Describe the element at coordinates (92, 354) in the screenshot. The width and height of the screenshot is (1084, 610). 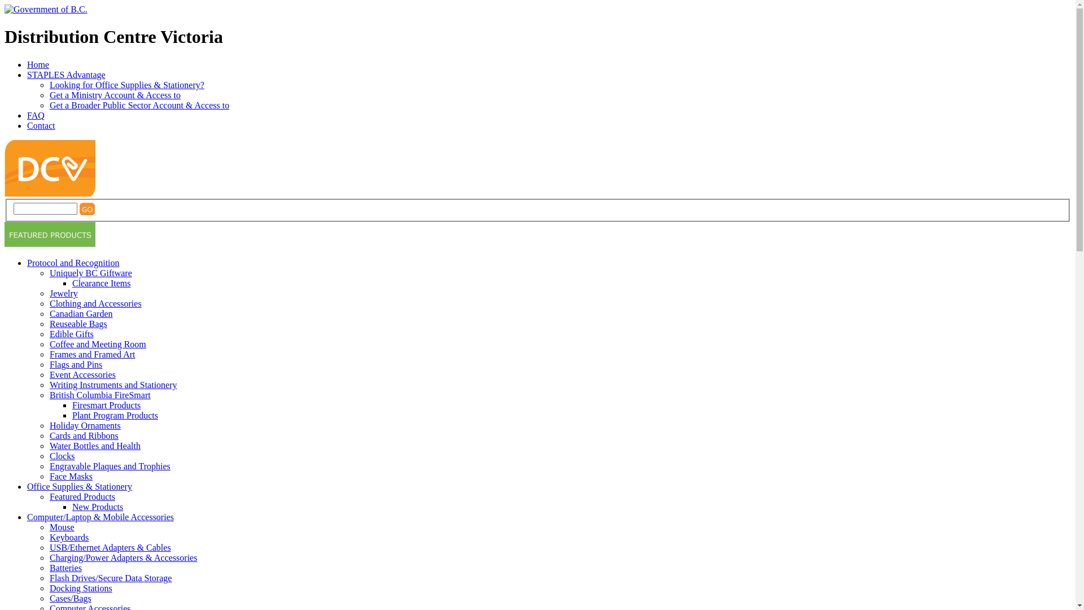
I see `'Frames and Framed Art'` at that location.